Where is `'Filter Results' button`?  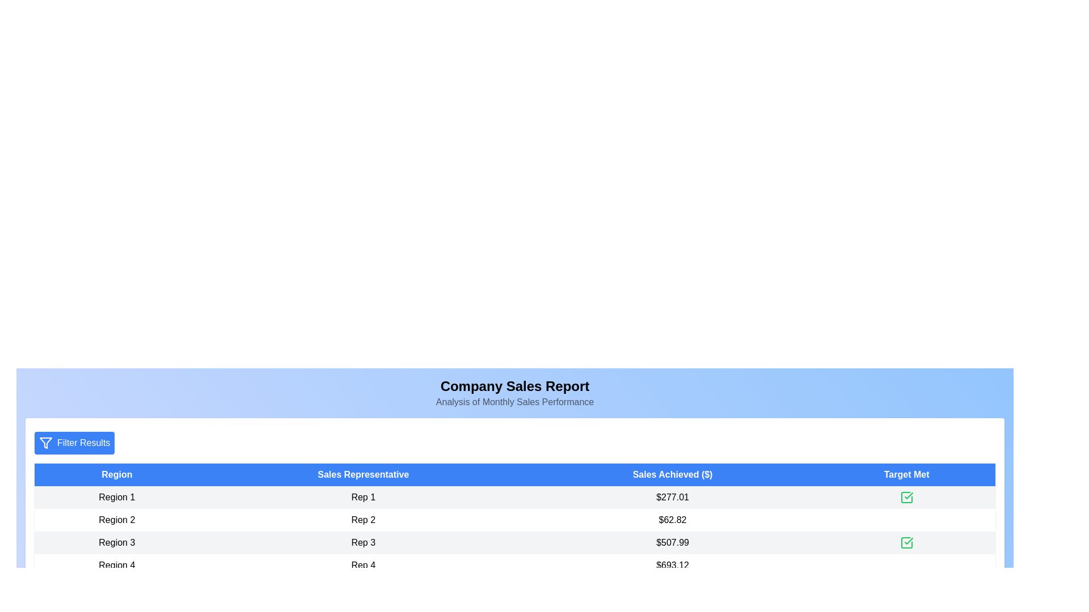
'Filter Results' button is located at coordinates (74, 443).